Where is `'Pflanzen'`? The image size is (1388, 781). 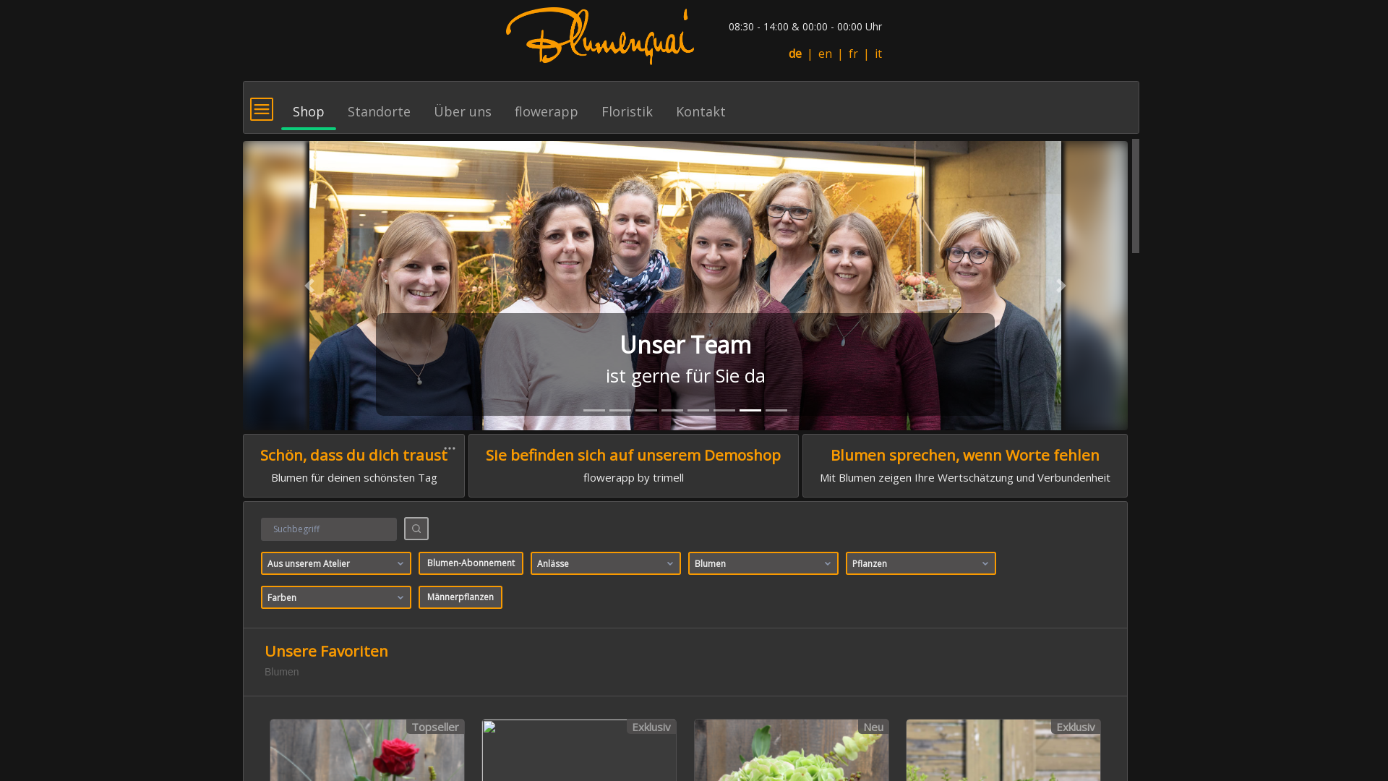 'Pflanzen' is located at coordinates (920, 563).